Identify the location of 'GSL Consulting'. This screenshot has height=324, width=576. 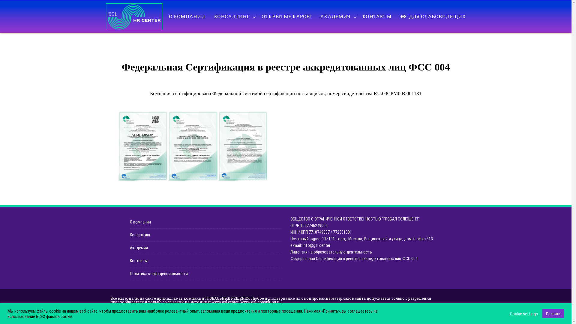
(135, 16).